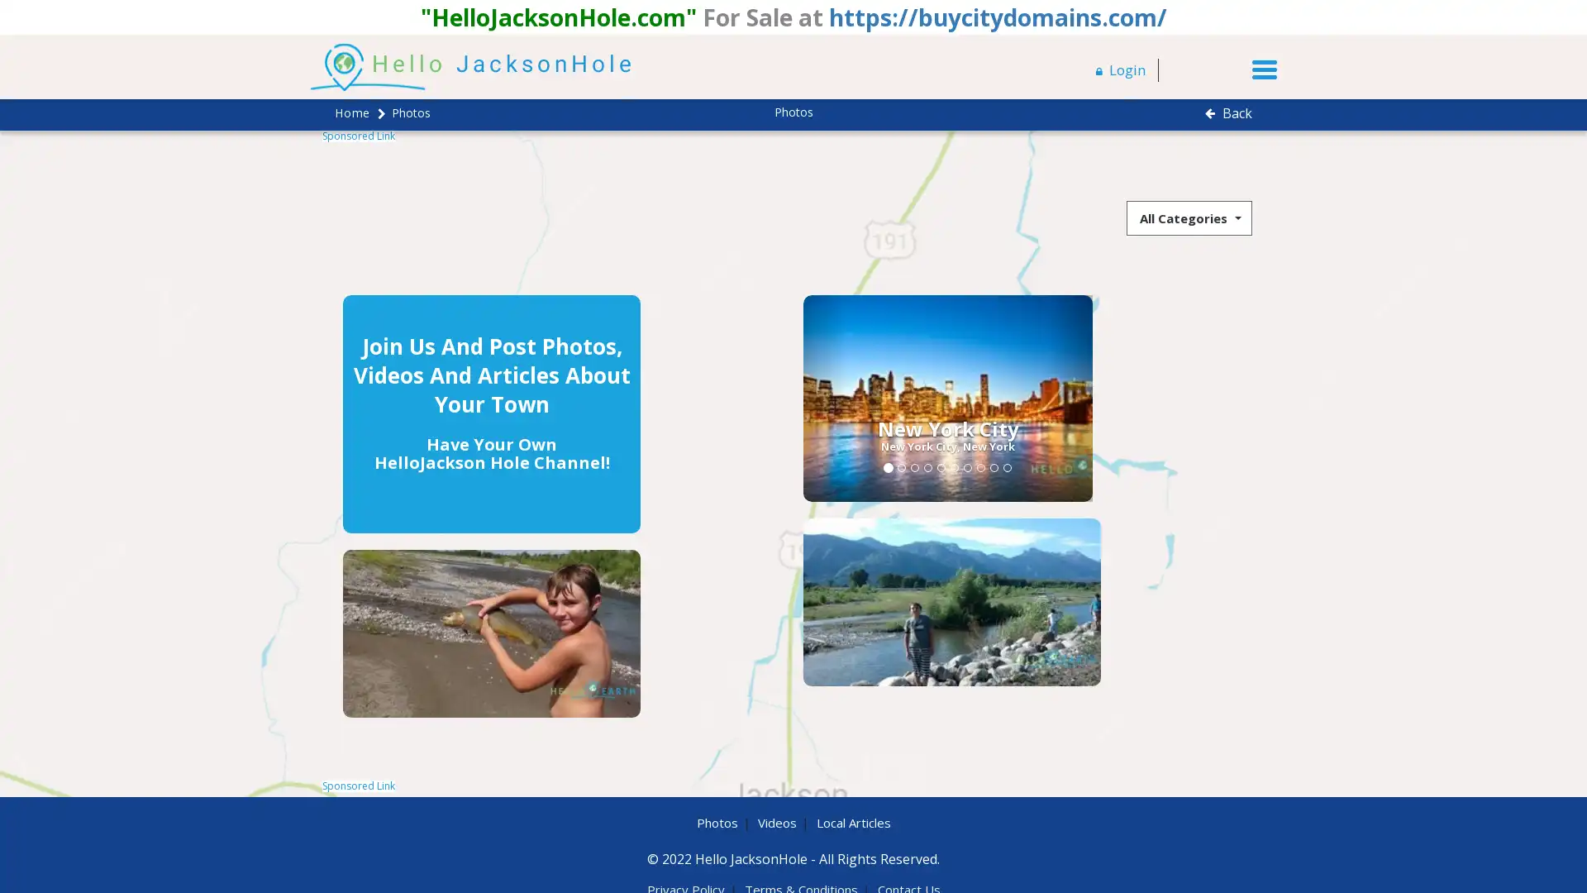  Describe the element at coordinates (1189, 216) in the screenshot. I see `All Categories` at that location.